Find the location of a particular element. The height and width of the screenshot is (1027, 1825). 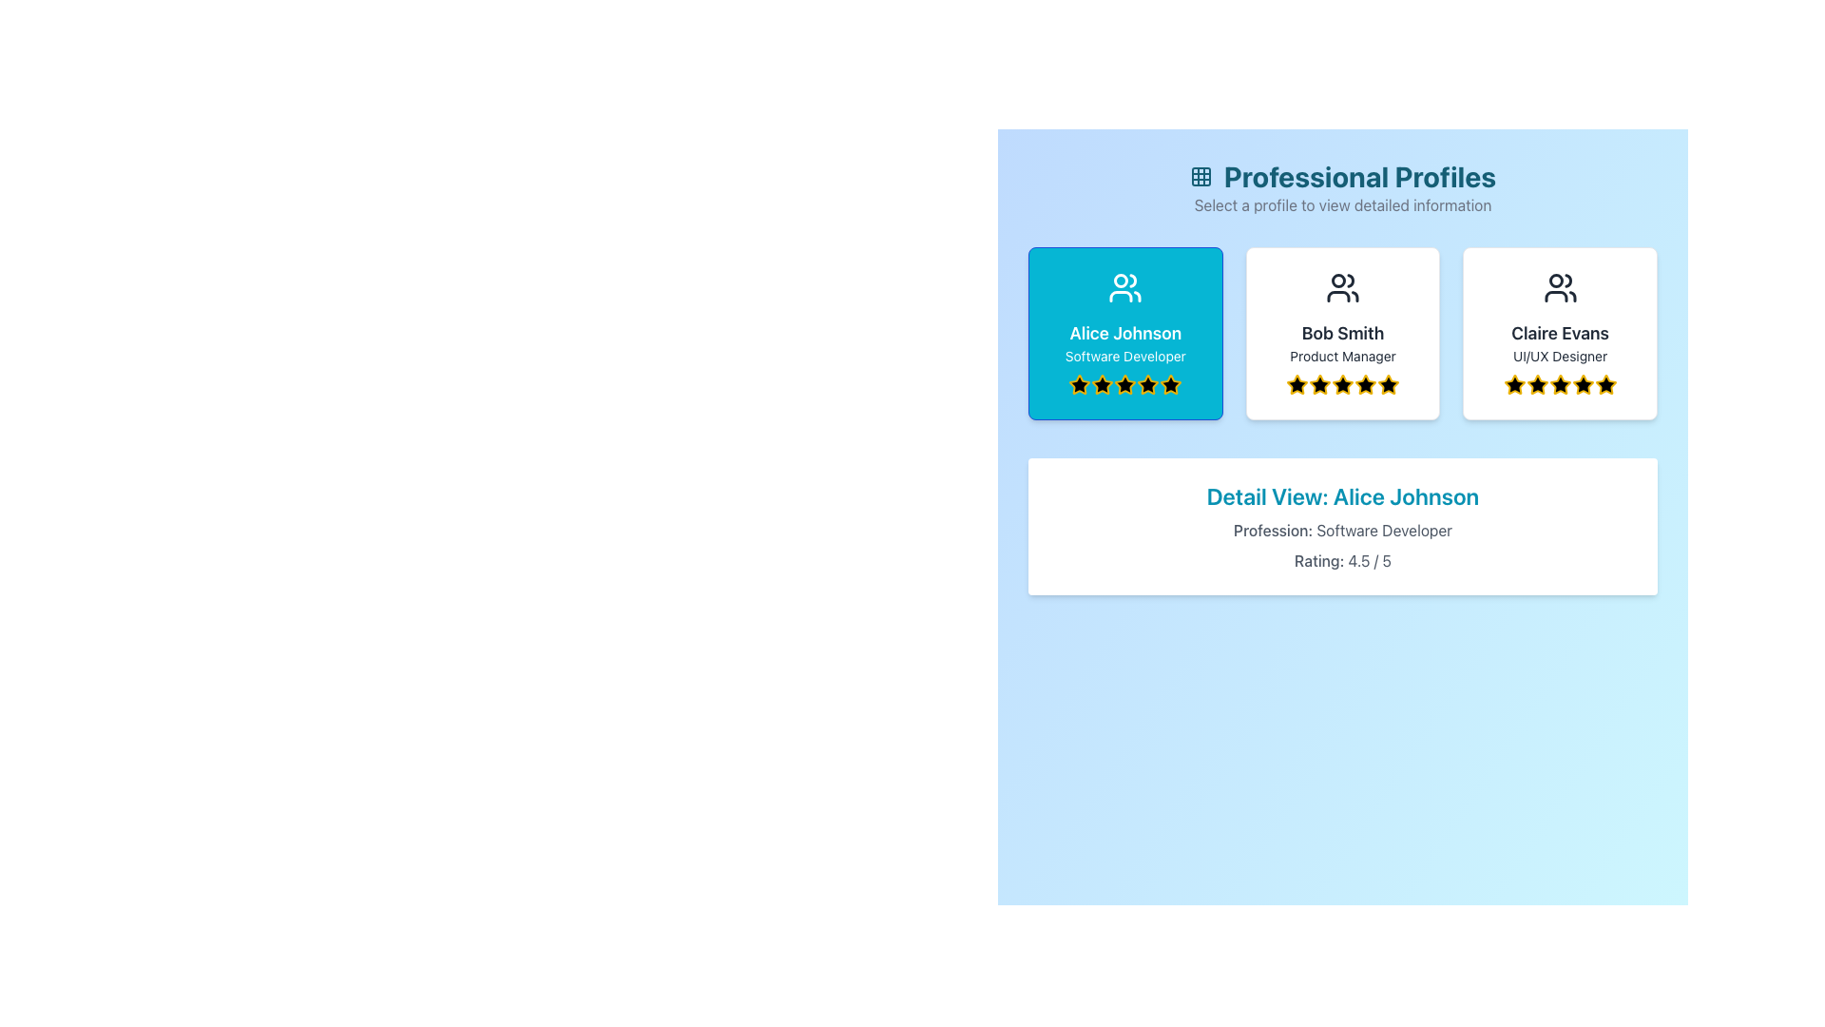

the non-interactive text display that shows the user's rating information, located at the bottom of the 'Detail View: Alice Johnson' card, centered horizontally within the card is located at coordinates (1341, 560).